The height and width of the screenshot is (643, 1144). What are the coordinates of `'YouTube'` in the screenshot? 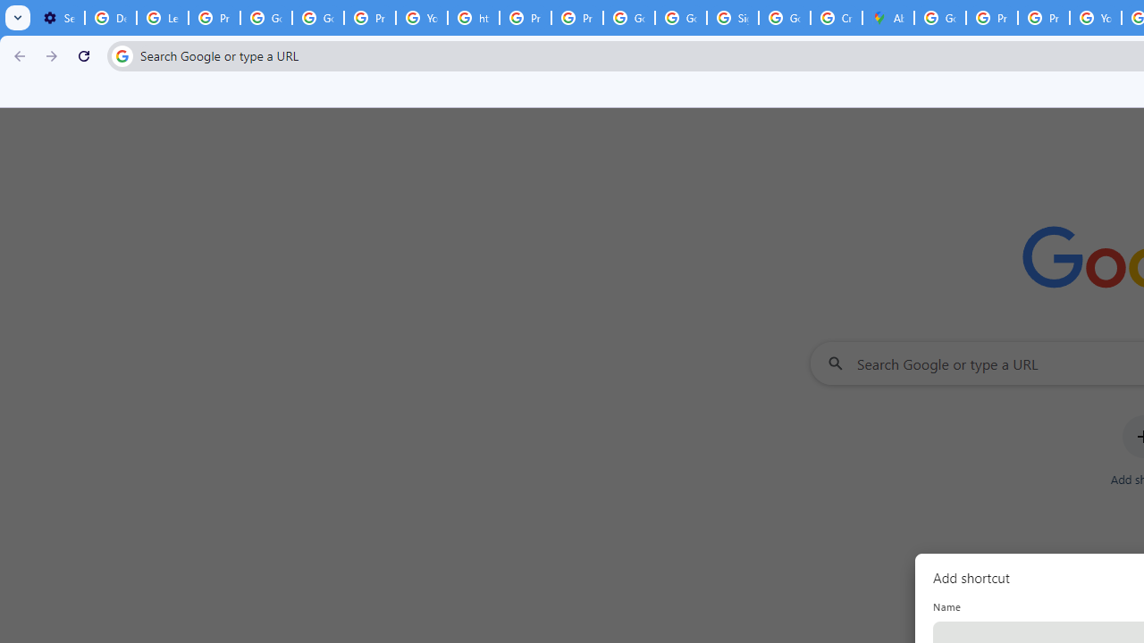 It's located at (420, 18).